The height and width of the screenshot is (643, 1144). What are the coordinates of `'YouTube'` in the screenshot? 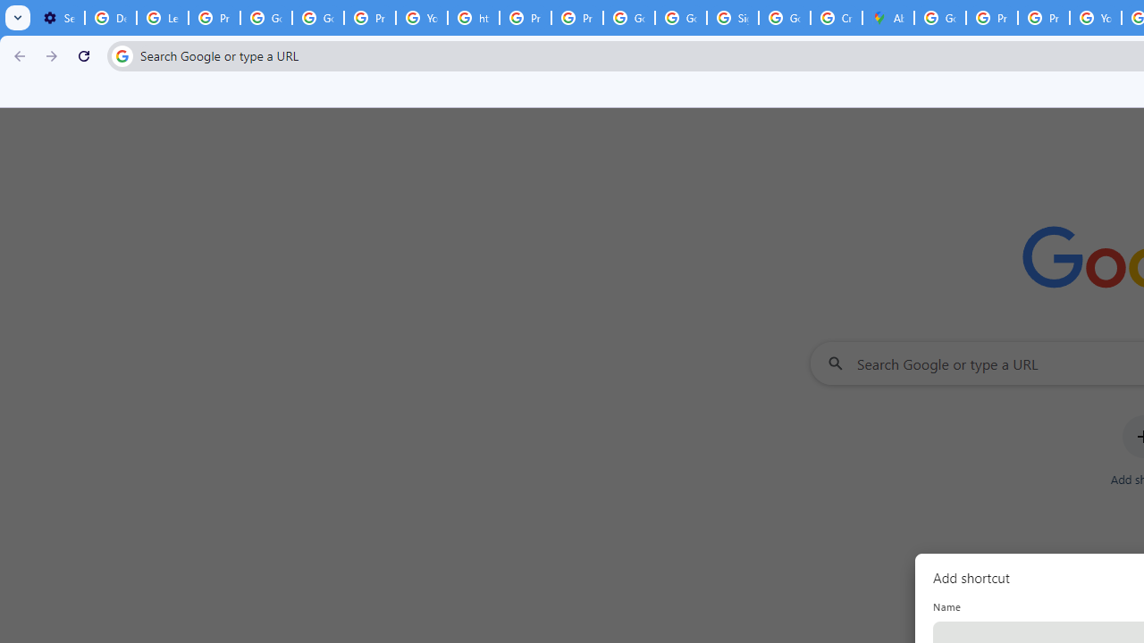 It's located at (420, 18).